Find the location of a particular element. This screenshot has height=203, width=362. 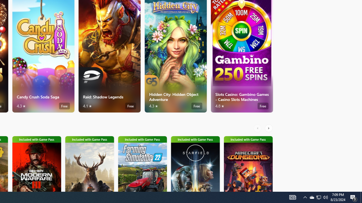

'AutomationID: LeftScrollButton' is located at coordinates (258, 128).